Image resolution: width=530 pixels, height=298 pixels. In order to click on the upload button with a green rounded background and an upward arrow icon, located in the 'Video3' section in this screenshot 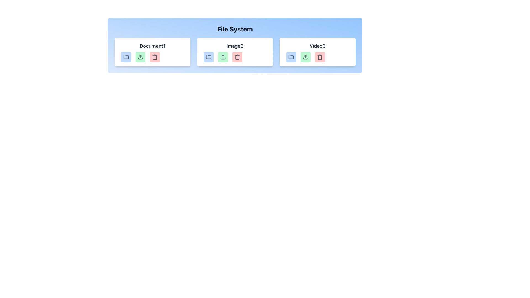, I will do `click(305, 57)`.